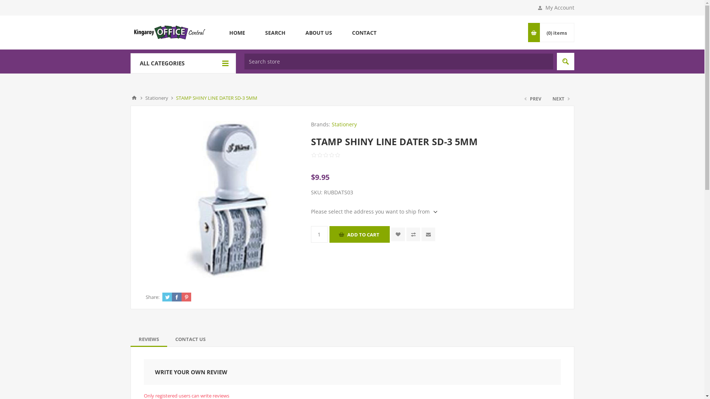 The image size is (710, 399). What do you see at coordinates (318, 32) in the screenshot?
I see `'ABOUT US'` at bounding box center [318, 32].